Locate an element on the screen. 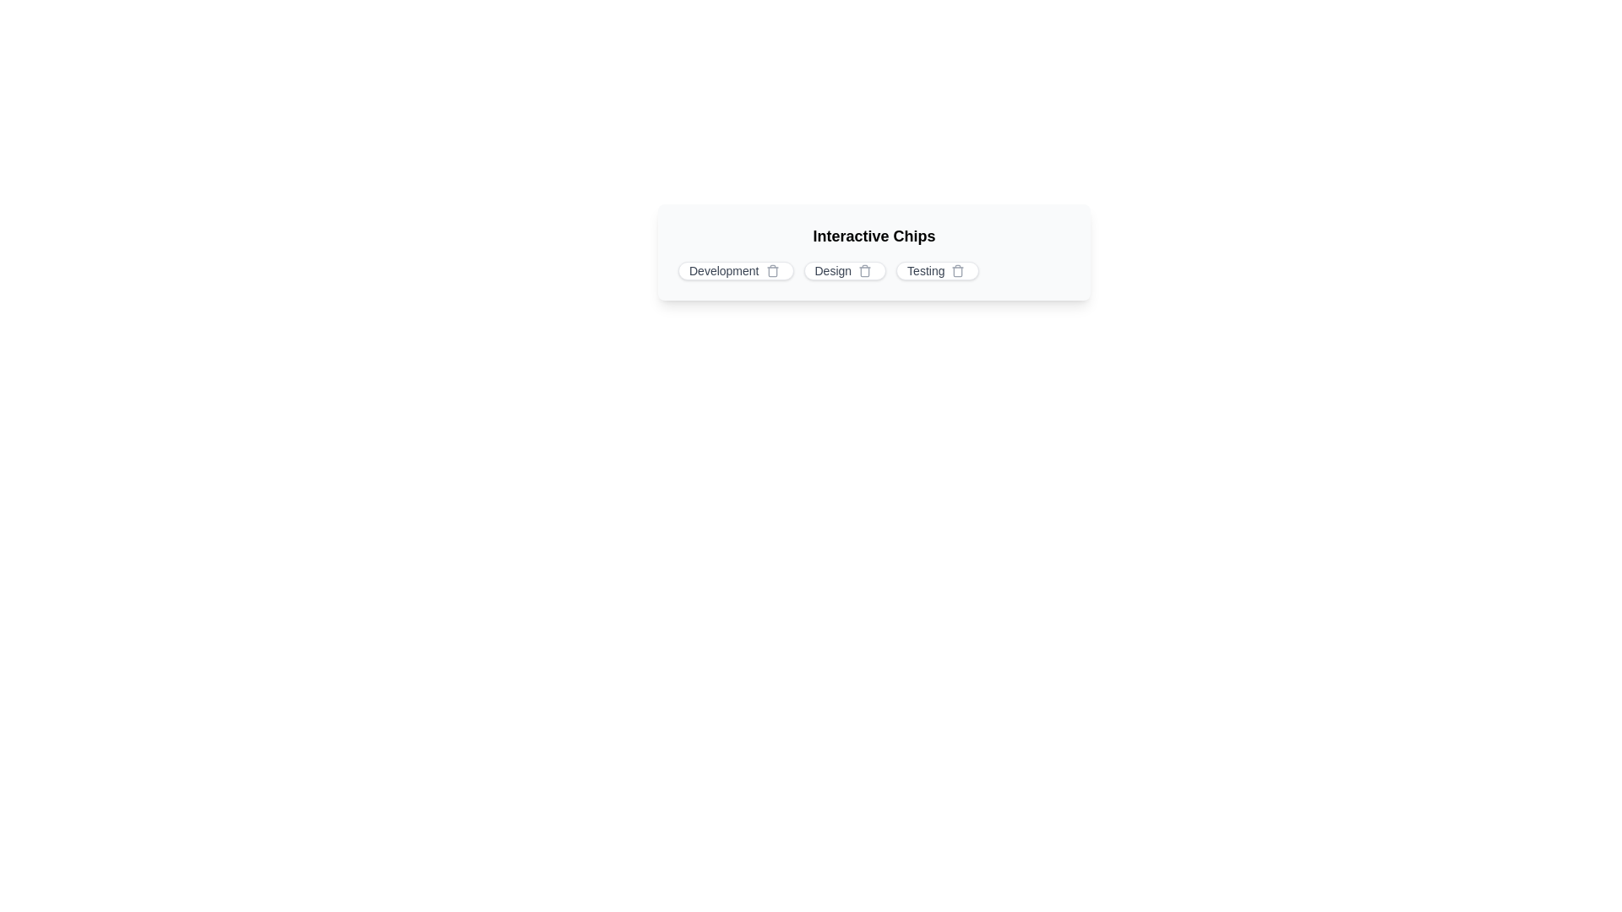 The height and width of the screenshot is (912, 1622). the trash icon of the chip labeled Testing to remove it is located at coordinates (958, 269).